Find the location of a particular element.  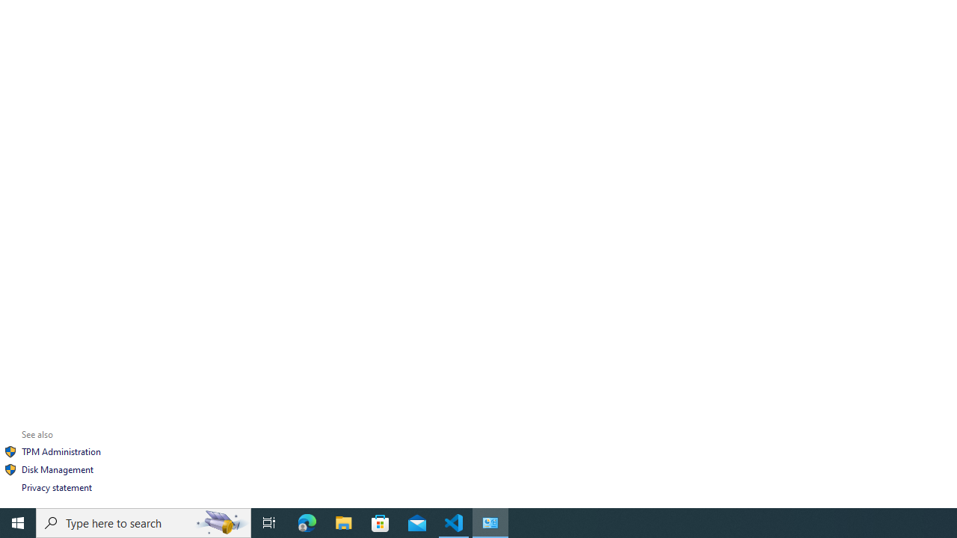

'Visual Studio Code - 1 running window' is located at coordinates (453, 522).